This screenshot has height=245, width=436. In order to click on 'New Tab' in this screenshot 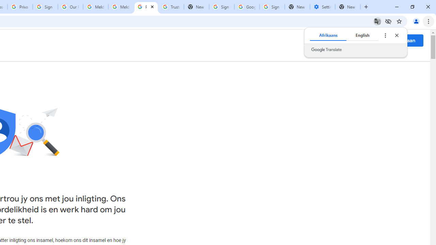, I will do `click(348, 7)`.